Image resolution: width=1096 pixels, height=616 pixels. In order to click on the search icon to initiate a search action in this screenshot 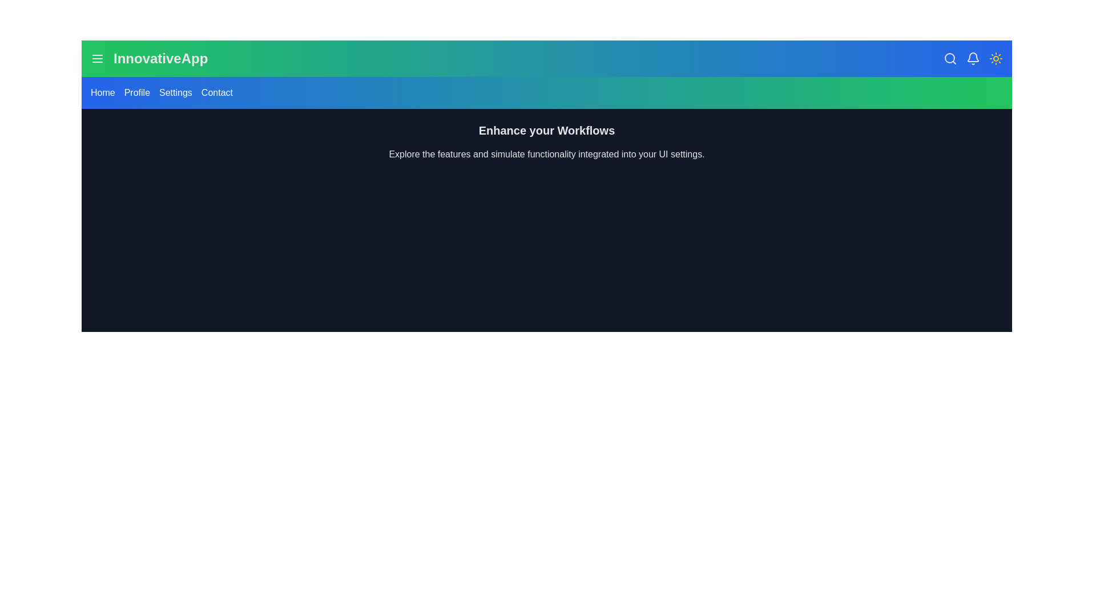, I will do `click(950, 59)`.